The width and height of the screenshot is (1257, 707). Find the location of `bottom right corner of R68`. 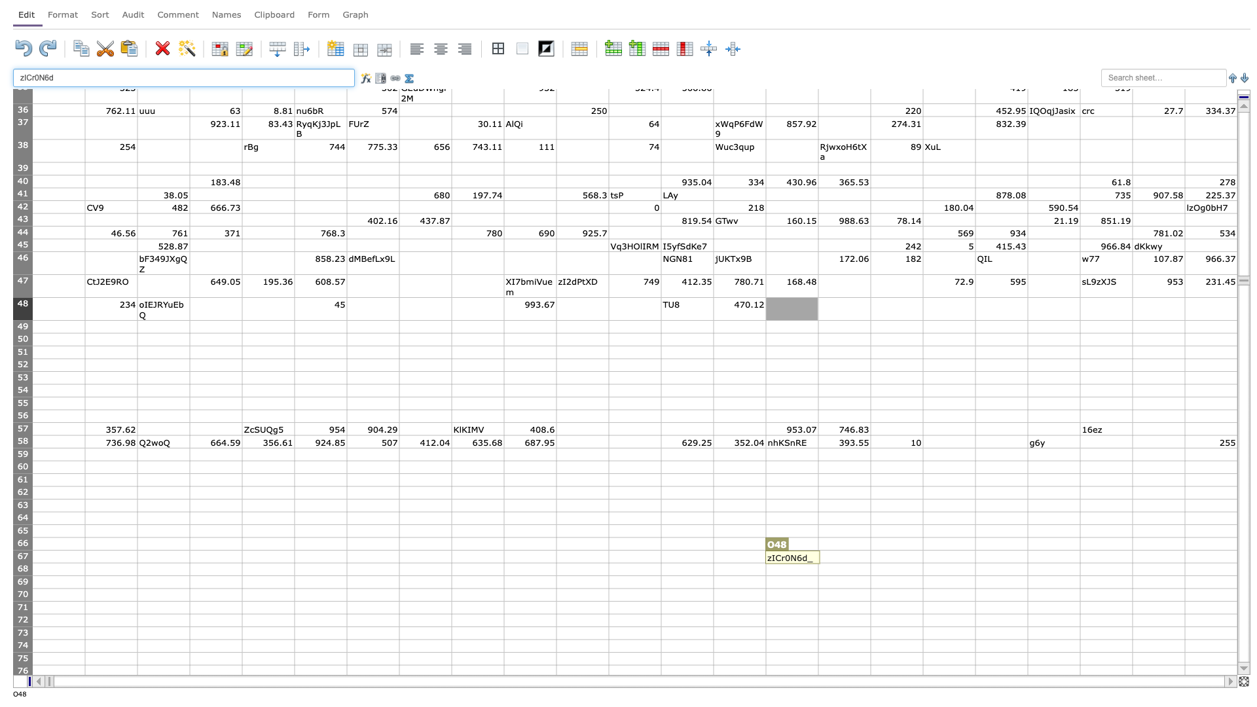

bottom right corner of R68 is located at coordinates (975, 575).